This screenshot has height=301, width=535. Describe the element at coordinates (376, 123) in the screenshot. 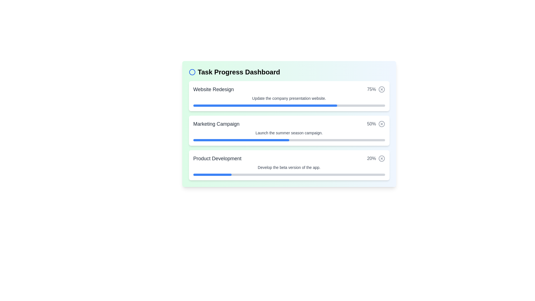

I see `the label displaying '50%' which indicates the progress percentage for the 'Marketing Campaign' task, located in the 'Marketing Campaign' section of the task progress dashboard` at that location.